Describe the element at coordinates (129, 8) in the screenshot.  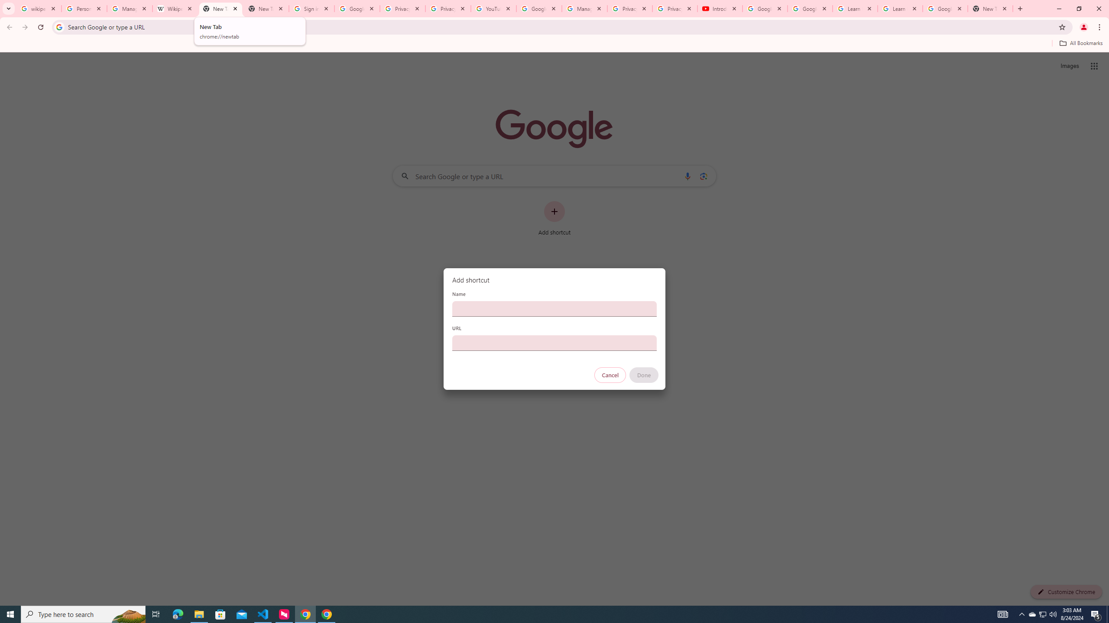
I see `'Manage your Location History - Google Search Help'` at that location.